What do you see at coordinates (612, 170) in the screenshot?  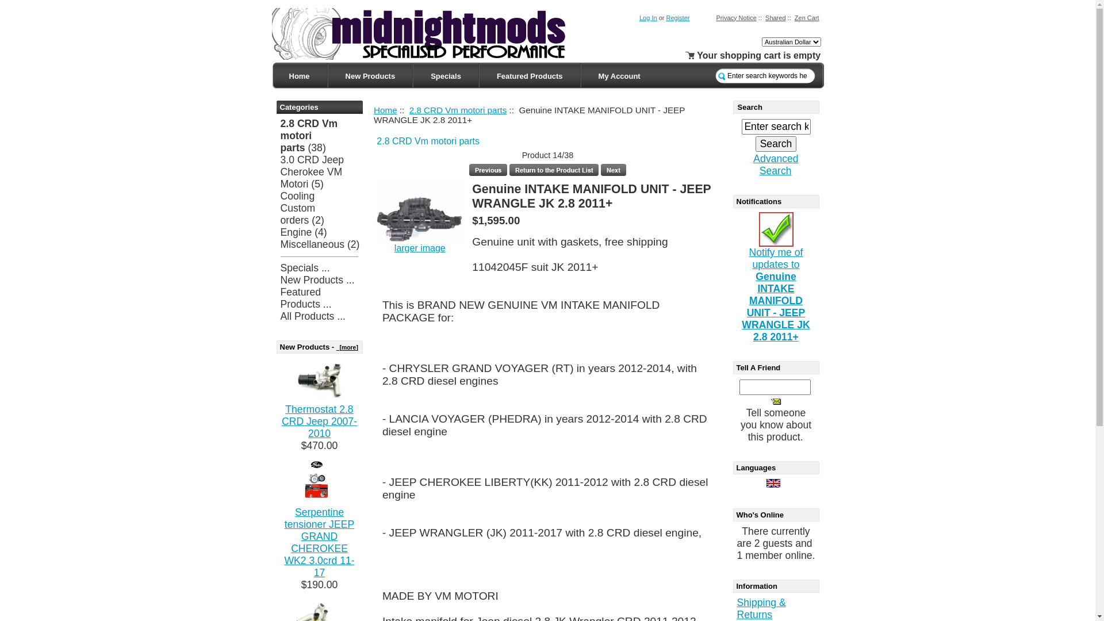 I see `' Next '` at bounding box center [612, 170].